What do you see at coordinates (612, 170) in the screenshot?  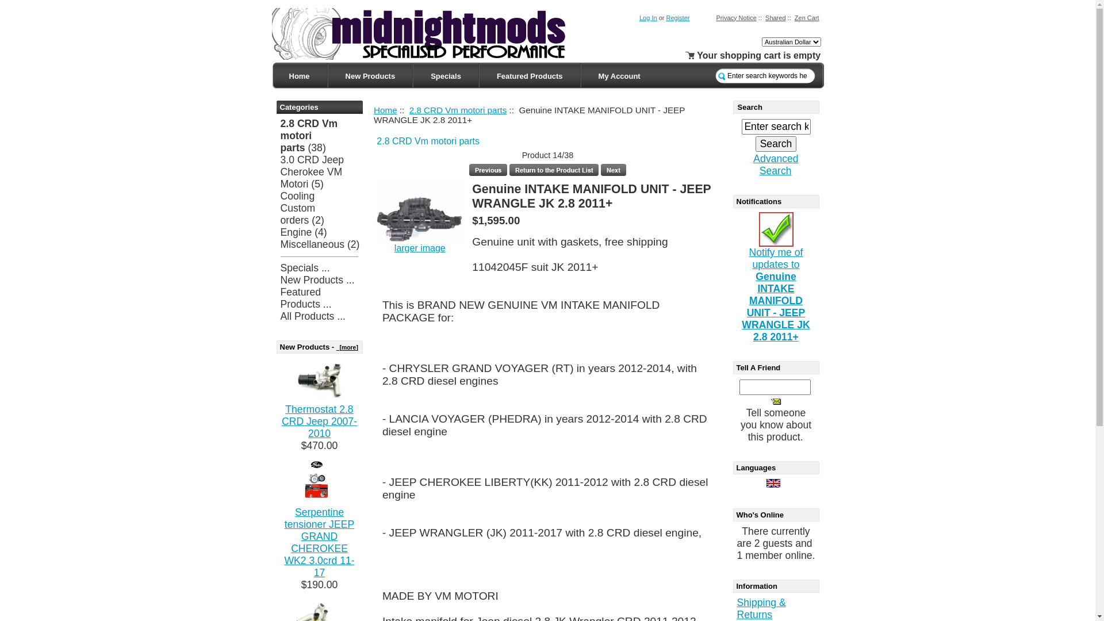 I see `' Next '` at bounding box center [612, 170].